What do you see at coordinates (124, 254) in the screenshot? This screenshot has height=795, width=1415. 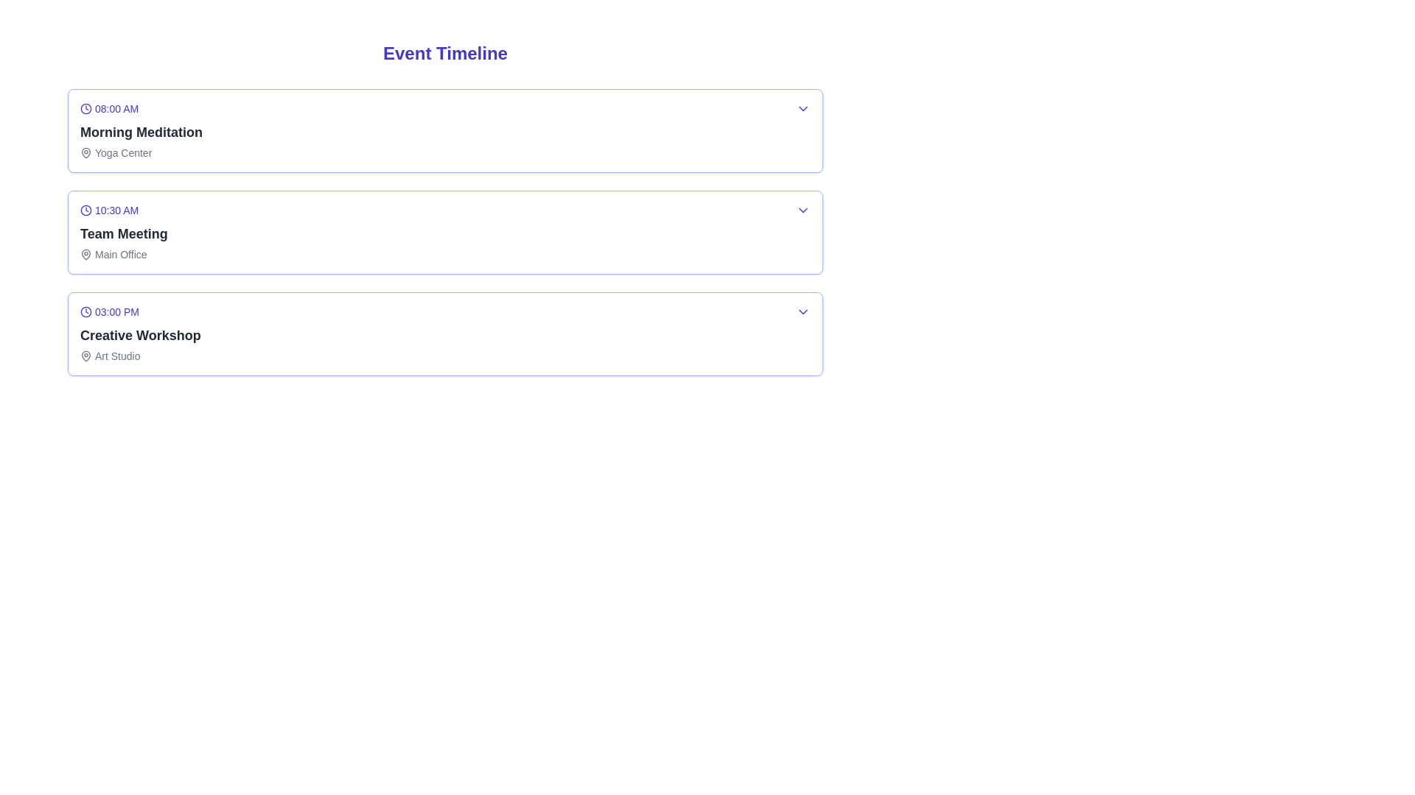 I see `text of the label with an icon located beneath the 'Team Meeting' heading, aligned with the map pin icon and below the timestamp '10:30 AM'` at bounding box center [124, 254].